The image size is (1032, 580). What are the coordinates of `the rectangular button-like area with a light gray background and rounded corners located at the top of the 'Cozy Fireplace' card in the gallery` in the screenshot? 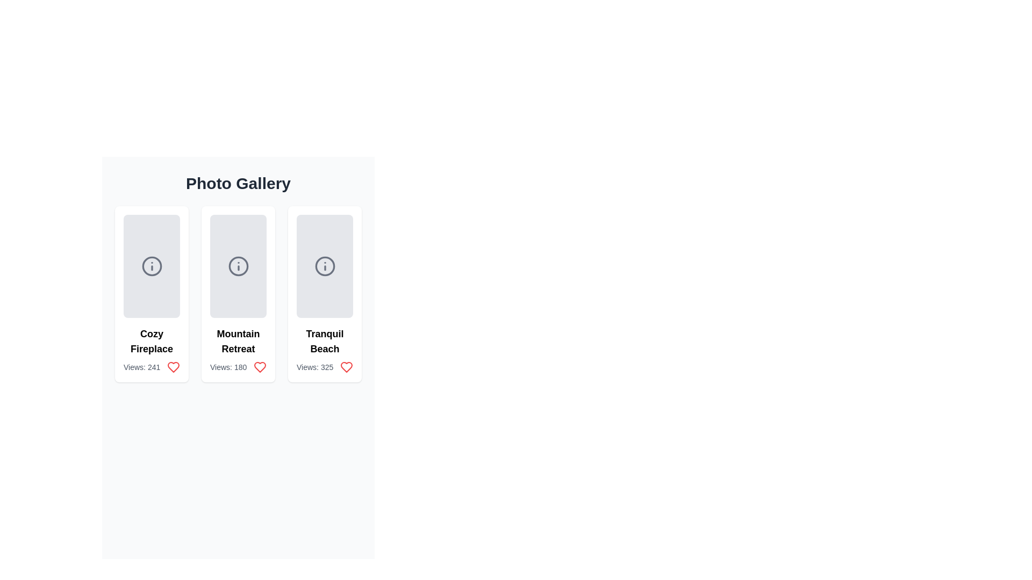 It's located at (151, 266).